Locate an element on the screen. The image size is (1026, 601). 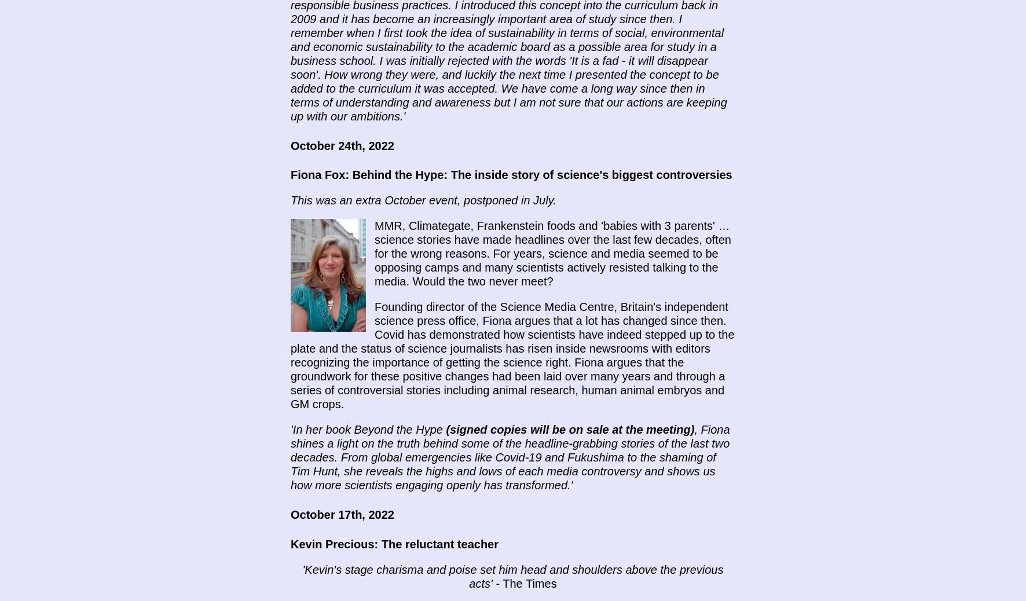
'Kevin Precious: The reluctant teacher' is located at coordinates (394, 543).